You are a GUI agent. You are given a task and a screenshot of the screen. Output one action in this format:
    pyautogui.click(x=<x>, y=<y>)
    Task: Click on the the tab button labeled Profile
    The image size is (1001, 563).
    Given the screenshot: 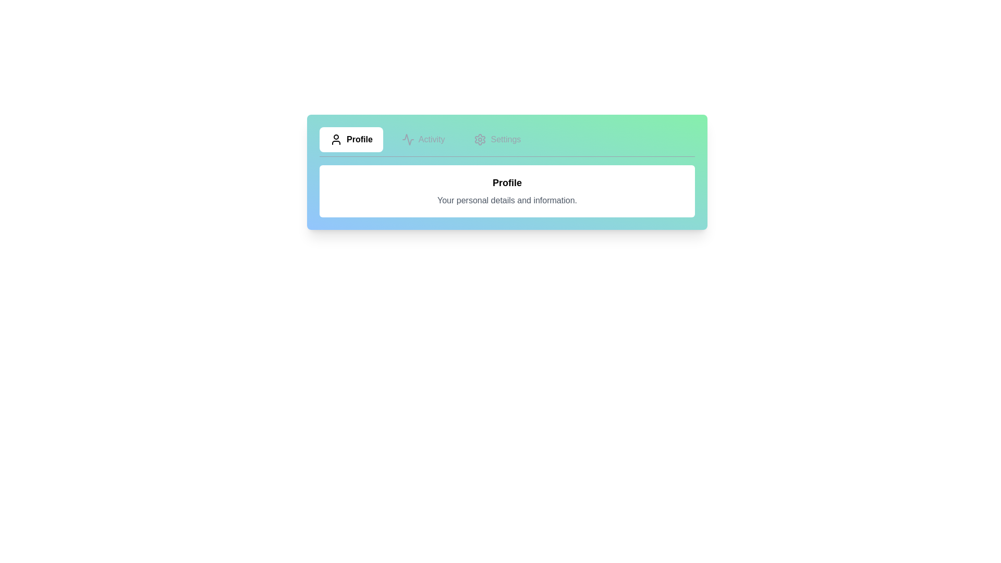 What is the action you would take?
    pyautogui.click(x=351, y=139)
    